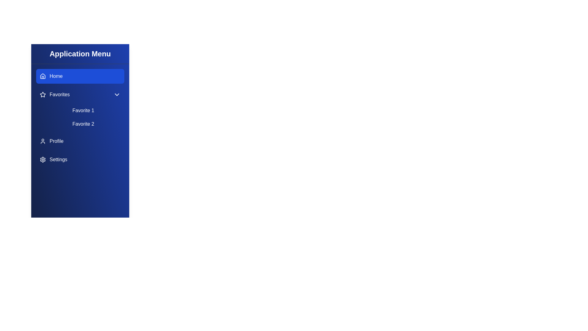 The width and height of the screenshot is (588, 331). Describe the element at coordinates (56, 141) in the screenshot. I see `the 'Profile' text label, which is displayed in white over a dark blue background in the sidebar menu, positioned between the 'Favorites' and 'Settings' sections` at that location.